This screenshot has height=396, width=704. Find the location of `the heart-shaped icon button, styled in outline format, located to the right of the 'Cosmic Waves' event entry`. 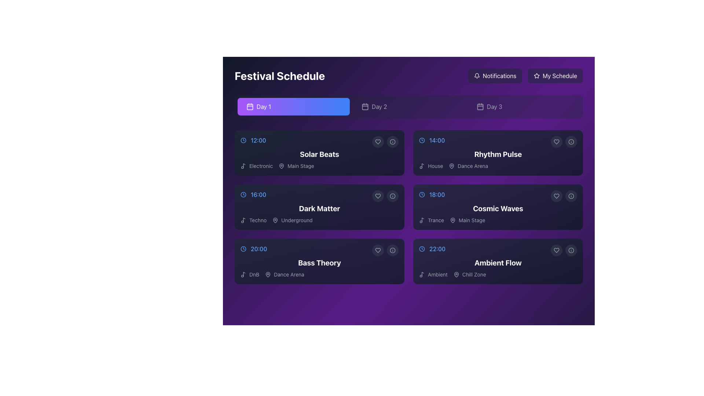

the heart-shaped icon button, styled in outline format, located to the right of the 'Cosmic Waves' event entry is located at coordinates (556, 196).